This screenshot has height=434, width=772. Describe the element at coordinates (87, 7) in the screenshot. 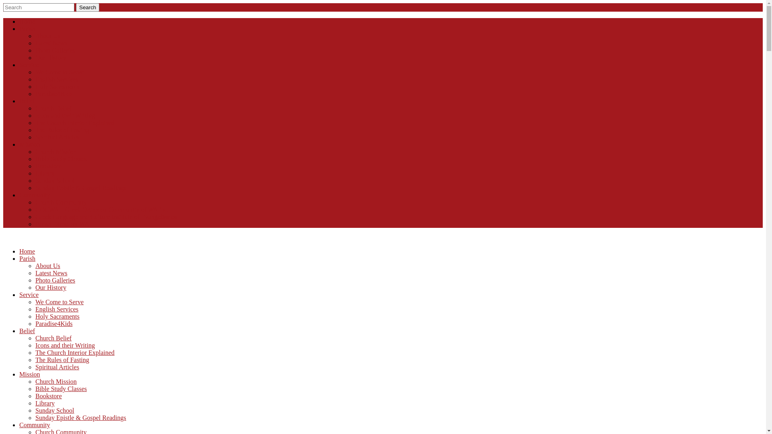

I see `'Search'` at that location.